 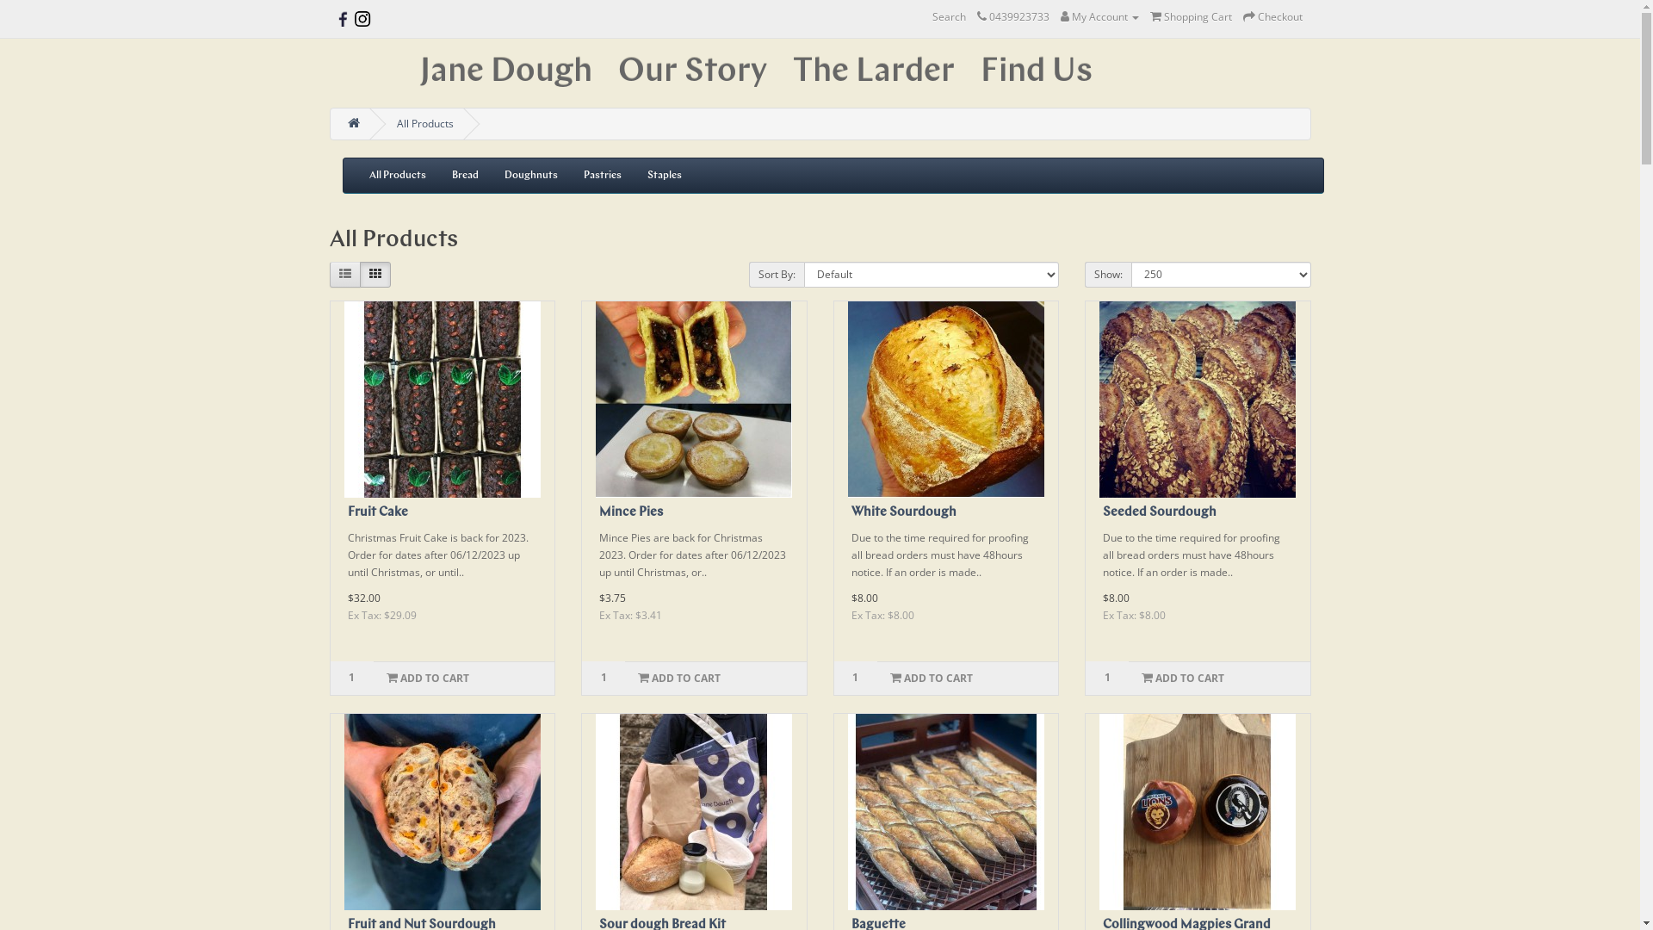 I want to click on 'Doughnuts', so click(x=529, y=176).